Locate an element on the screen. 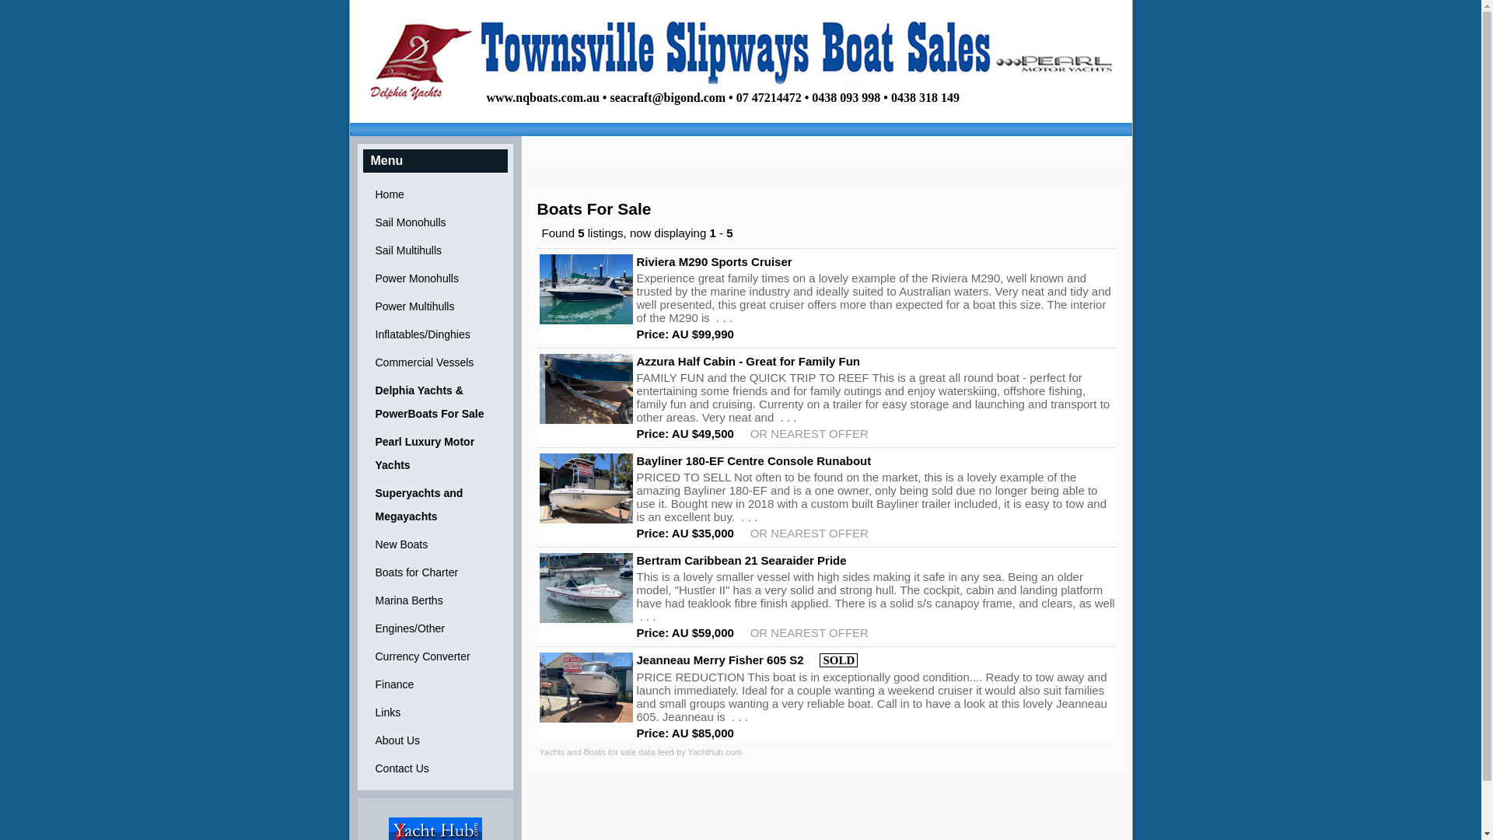  'Home' is located at coordinates (435, 194).